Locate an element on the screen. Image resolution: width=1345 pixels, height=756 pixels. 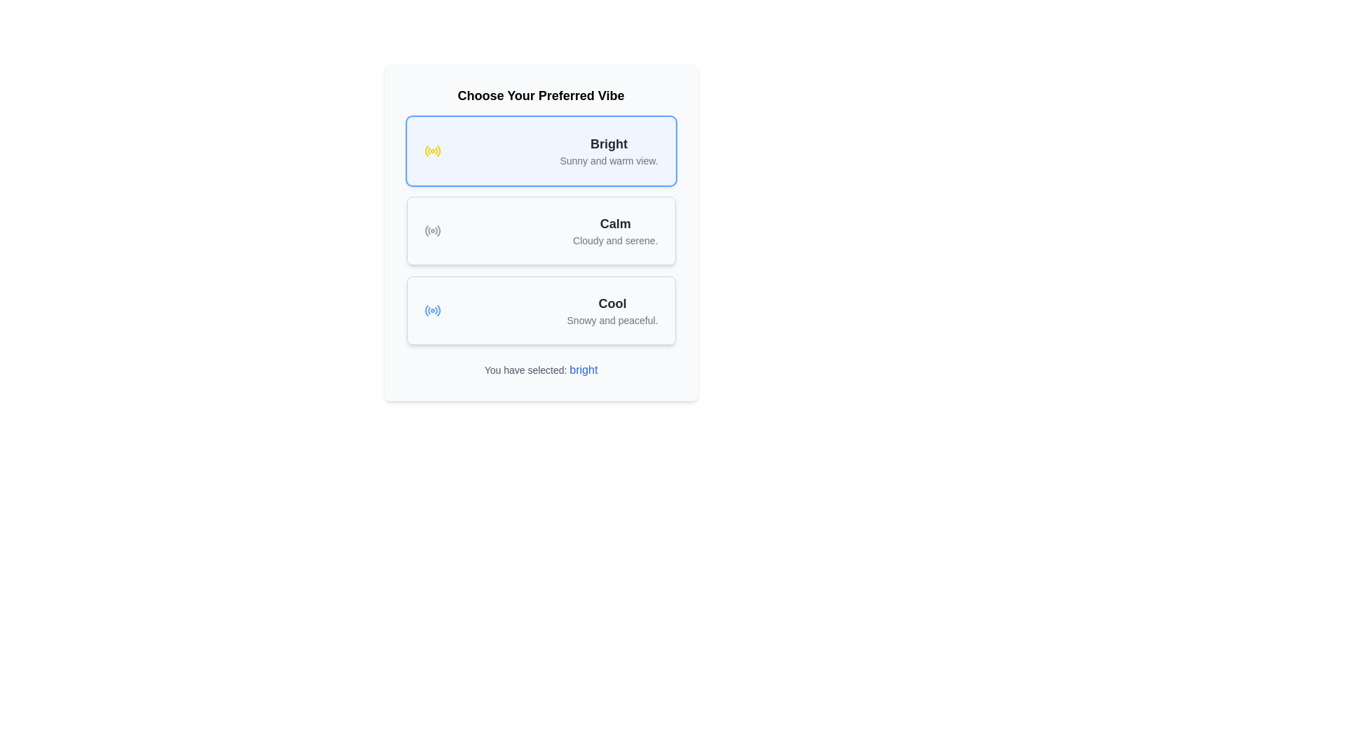
the 'Calm' vibe card, which is the second card in a vertically stacked layout and described as 'Cloudy and serene.' is located at coordinates (540, 231).